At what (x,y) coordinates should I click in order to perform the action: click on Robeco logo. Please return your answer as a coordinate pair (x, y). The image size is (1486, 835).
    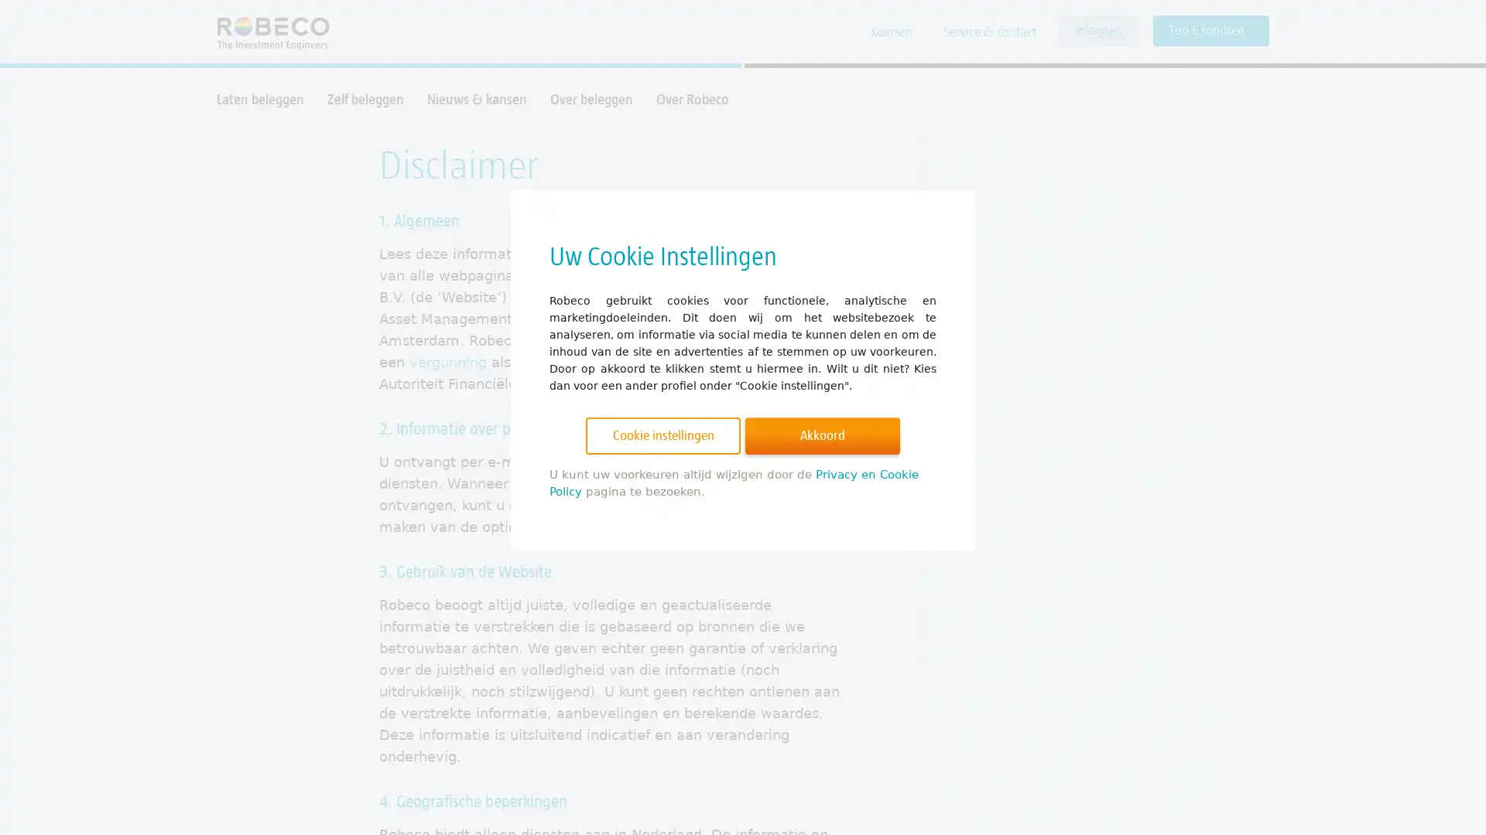
    Looking at the image, I should click on (265, 32).